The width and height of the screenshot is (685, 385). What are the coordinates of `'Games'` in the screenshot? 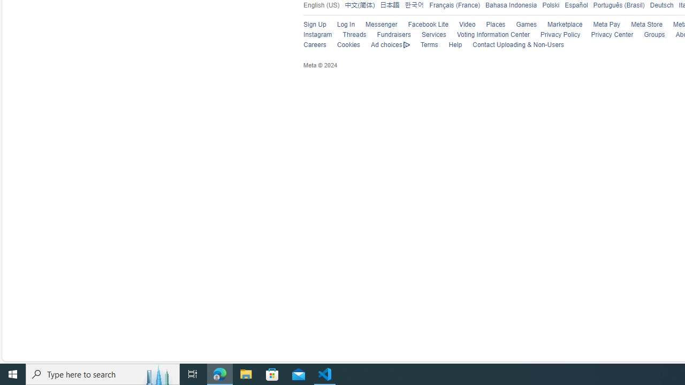 It's located at (521, 24).